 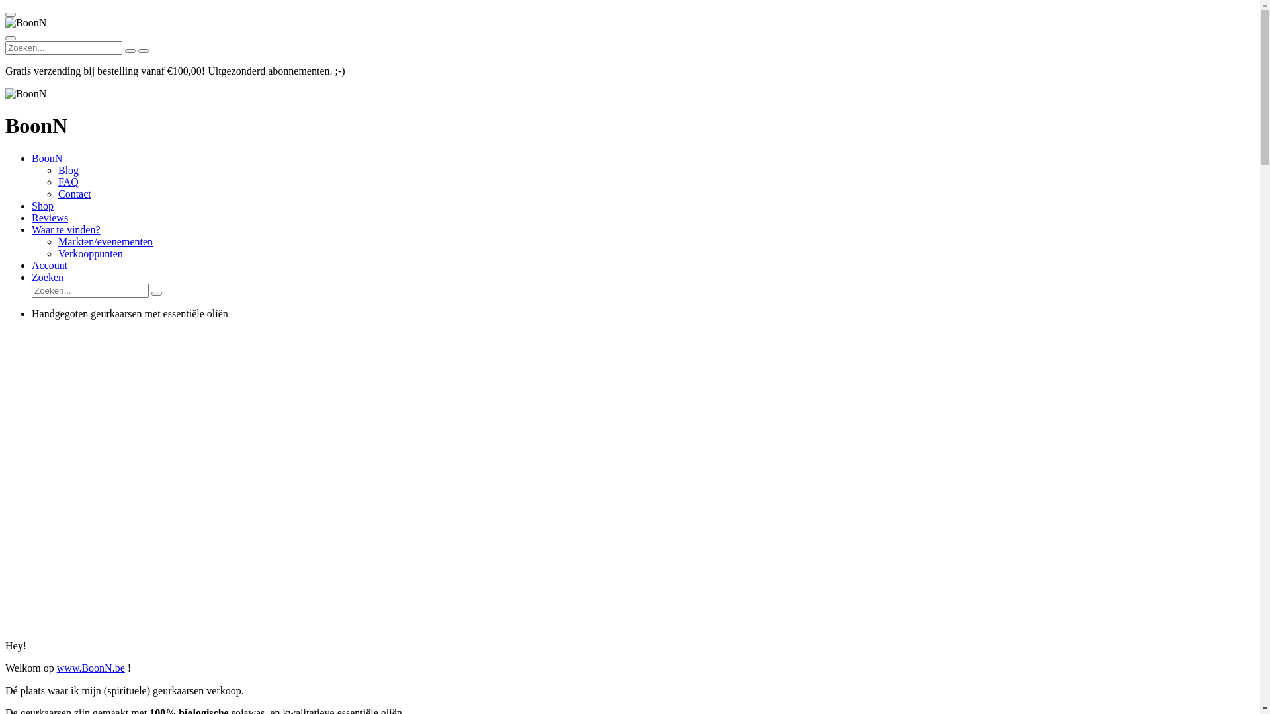 What do you see at coordinates (74, 194) in the screenshot?
I see `'Contact'` at bounding box center [74, 194].